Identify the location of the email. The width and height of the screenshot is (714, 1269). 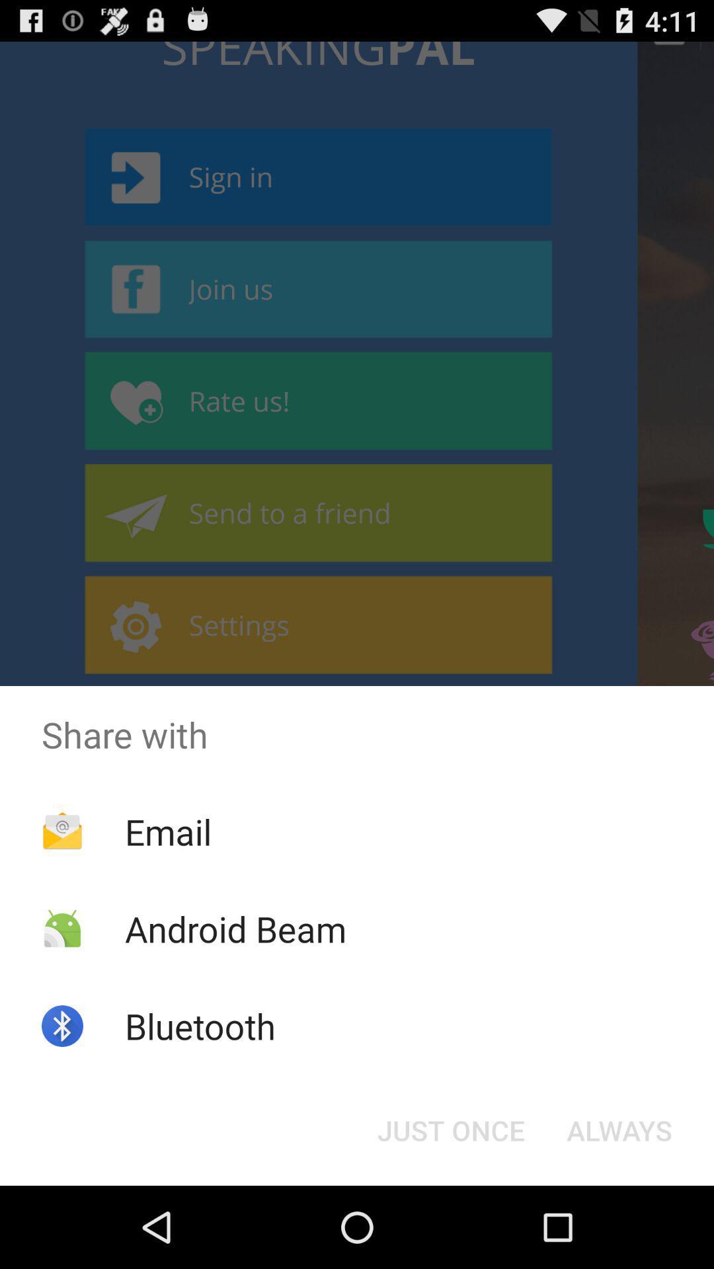
(167, 831).